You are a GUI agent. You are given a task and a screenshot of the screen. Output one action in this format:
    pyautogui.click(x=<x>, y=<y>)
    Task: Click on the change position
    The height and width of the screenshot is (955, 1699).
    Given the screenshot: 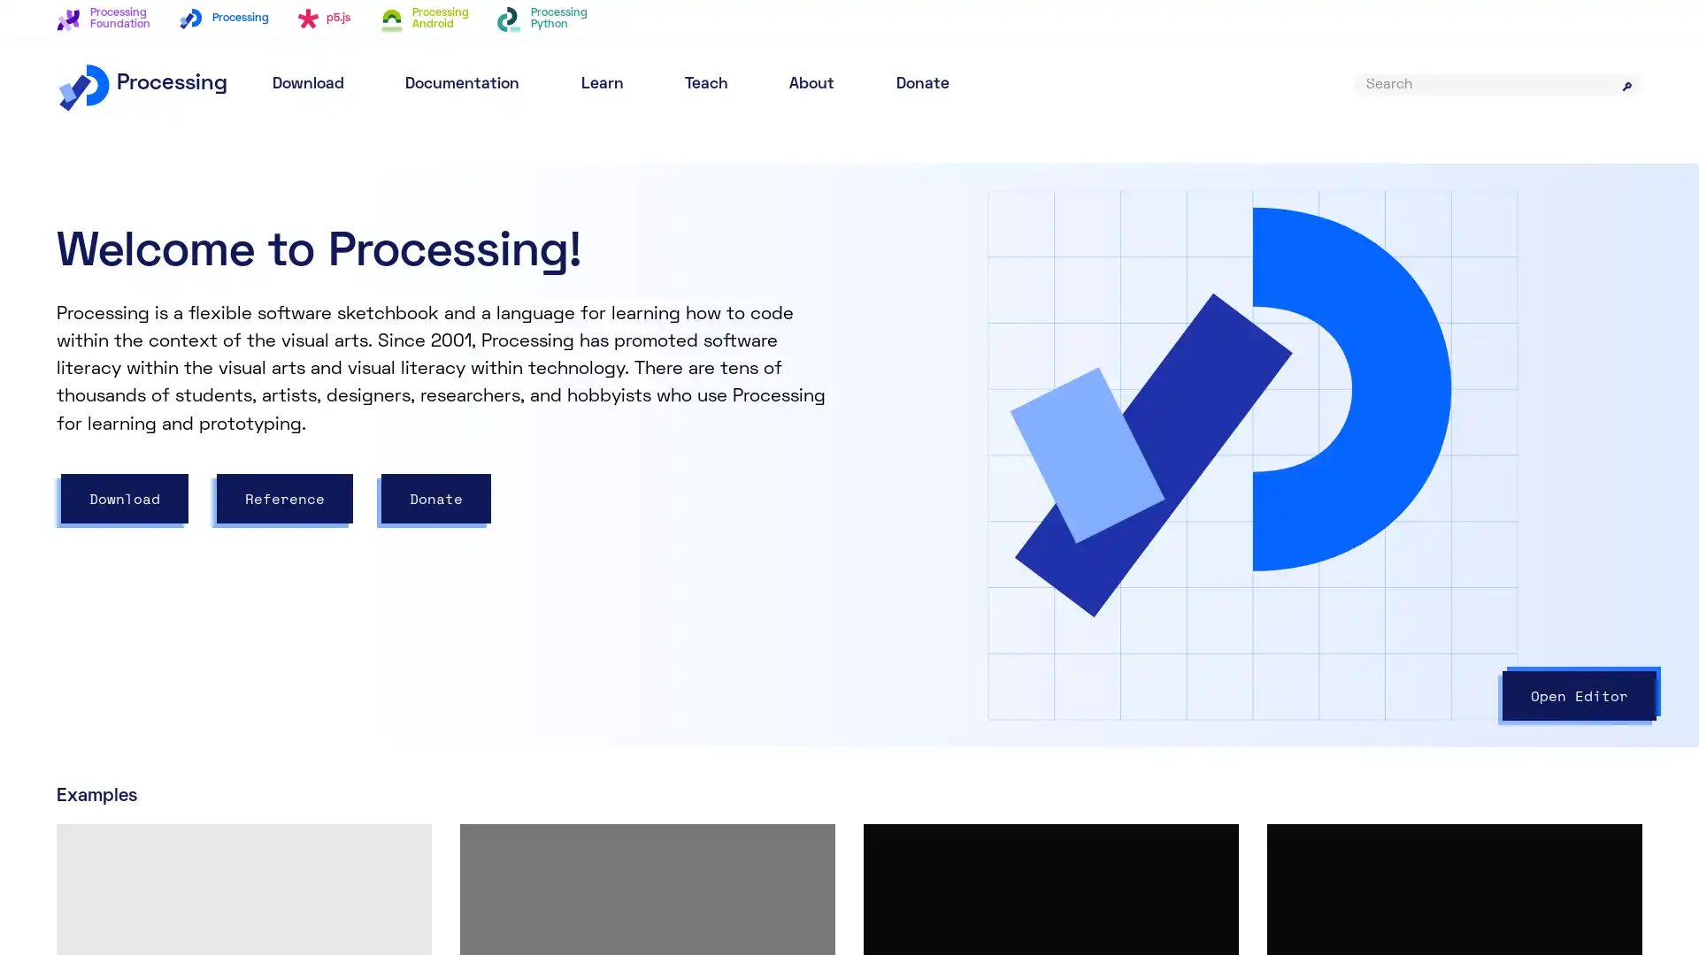 What is the action you would take?
    pyautogui.click(x=1183, y=485)
    